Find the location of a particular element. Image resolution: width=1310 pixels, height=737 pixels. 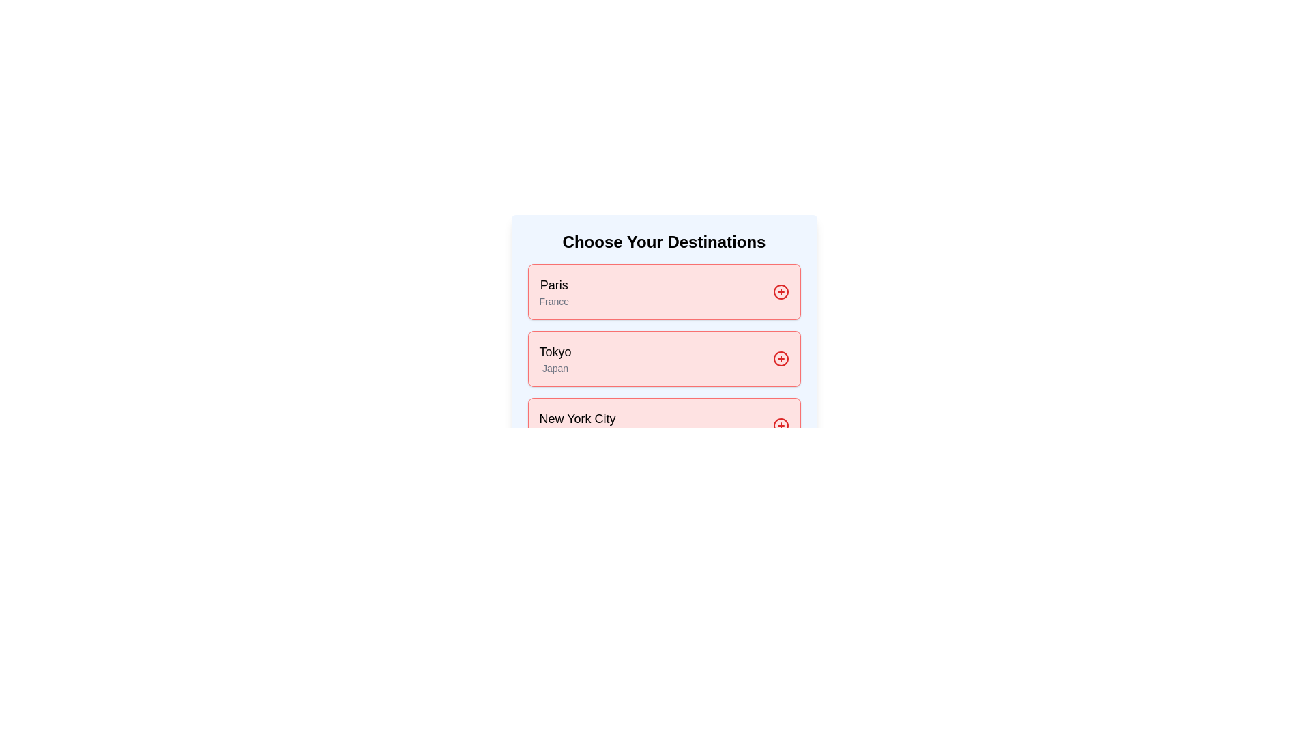

the circular plus icon associated with the 'Tokyo' destination is located at coordinates (781, 358).